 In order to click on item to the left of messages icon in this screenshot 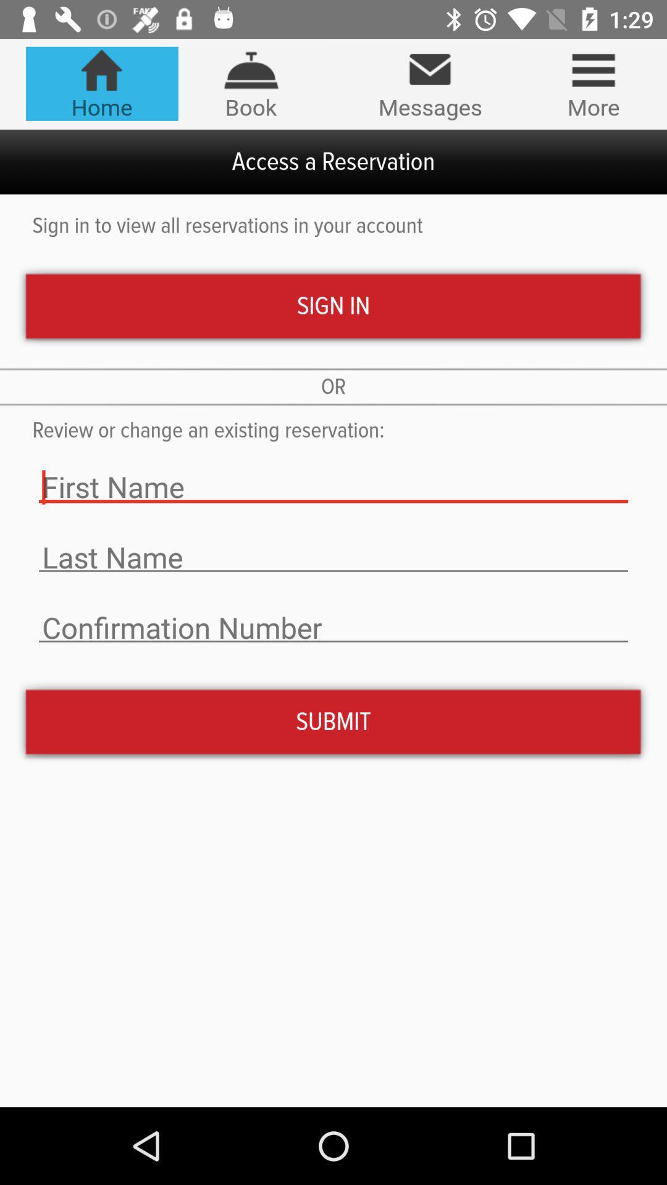, I will do `click(250, 83)`.